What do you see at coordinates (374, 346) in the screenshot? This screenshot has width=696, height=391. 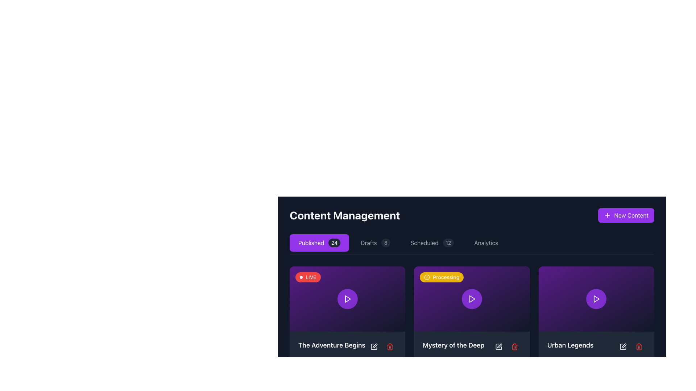 I see `the pen icon in the action toolbar beneath the card titled 'The Adventure Begins'` at bounding box center [374, 346].